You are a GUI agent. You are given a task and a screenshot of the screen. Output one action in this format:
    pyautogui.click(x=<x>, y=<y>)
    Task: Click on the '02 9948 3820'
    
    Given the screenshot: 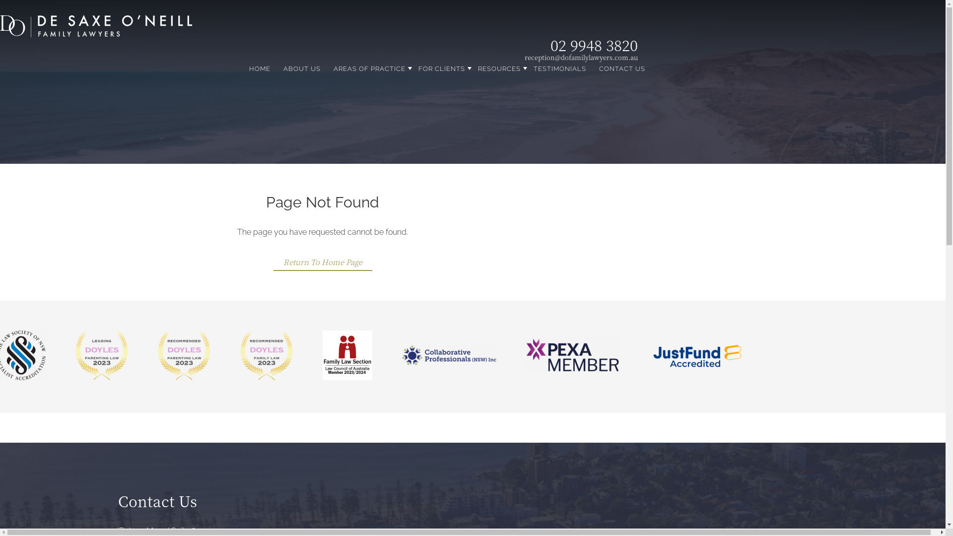 What is the action you would take?
    pyautogui.click(x=594, y=44)
    